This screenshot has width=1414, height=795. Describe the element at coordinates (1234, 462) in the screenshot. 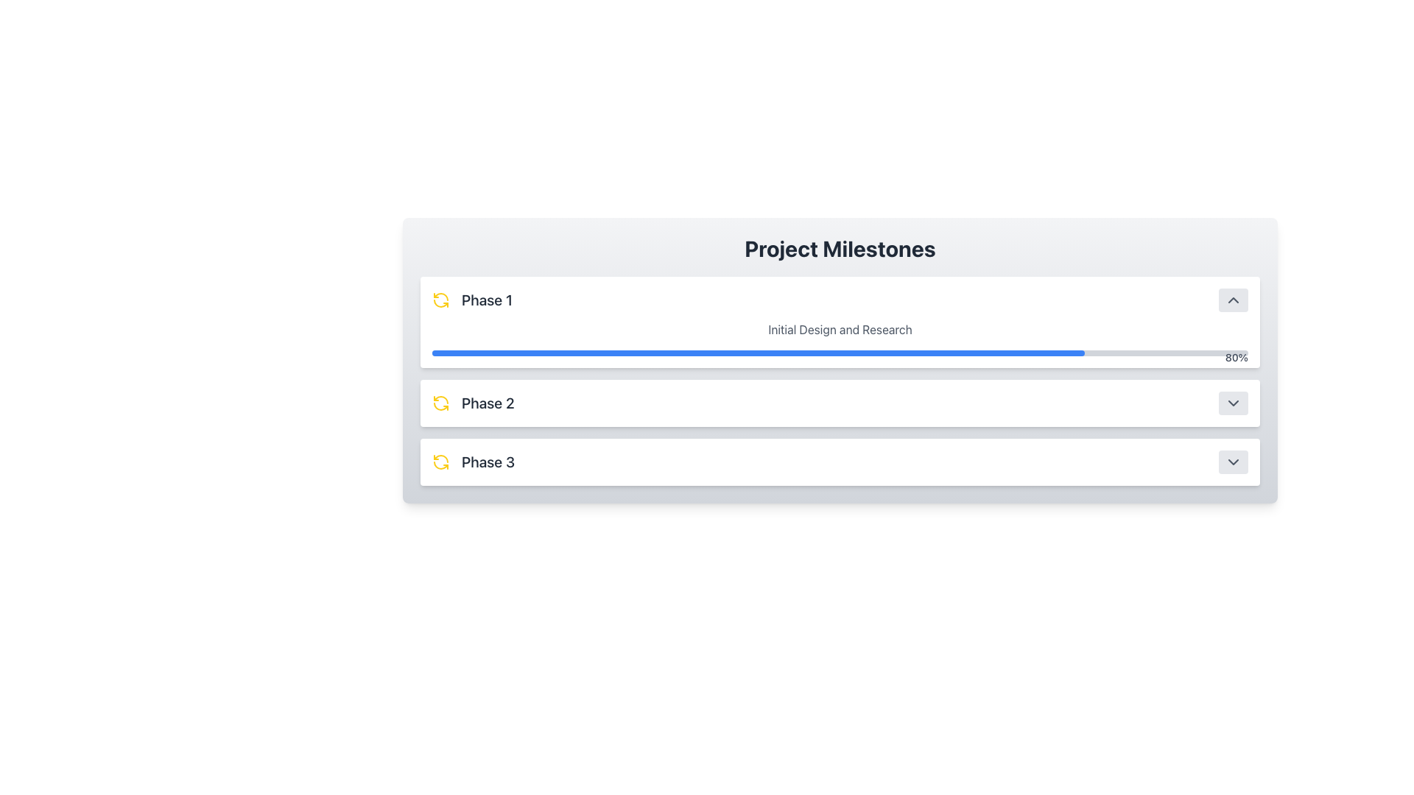

I see `the dropdown indicator icon located to the far right of the 'Phase 3' row in the vertical milestone list` at that location.